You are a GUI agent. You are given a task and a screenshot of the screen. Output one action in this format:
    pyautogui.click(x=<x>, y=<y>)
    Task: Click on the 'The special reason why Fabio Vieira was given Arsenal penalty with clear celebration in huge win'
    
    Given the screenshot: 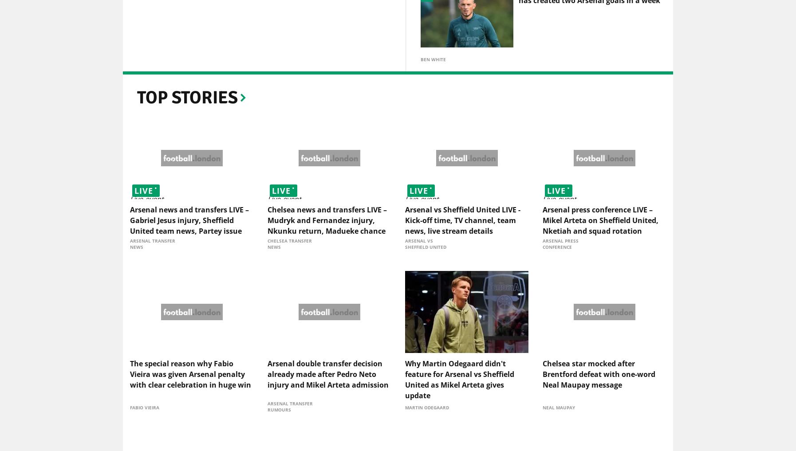 What is the action you would take?
    pyautogui.click(x=190, y=375)
    